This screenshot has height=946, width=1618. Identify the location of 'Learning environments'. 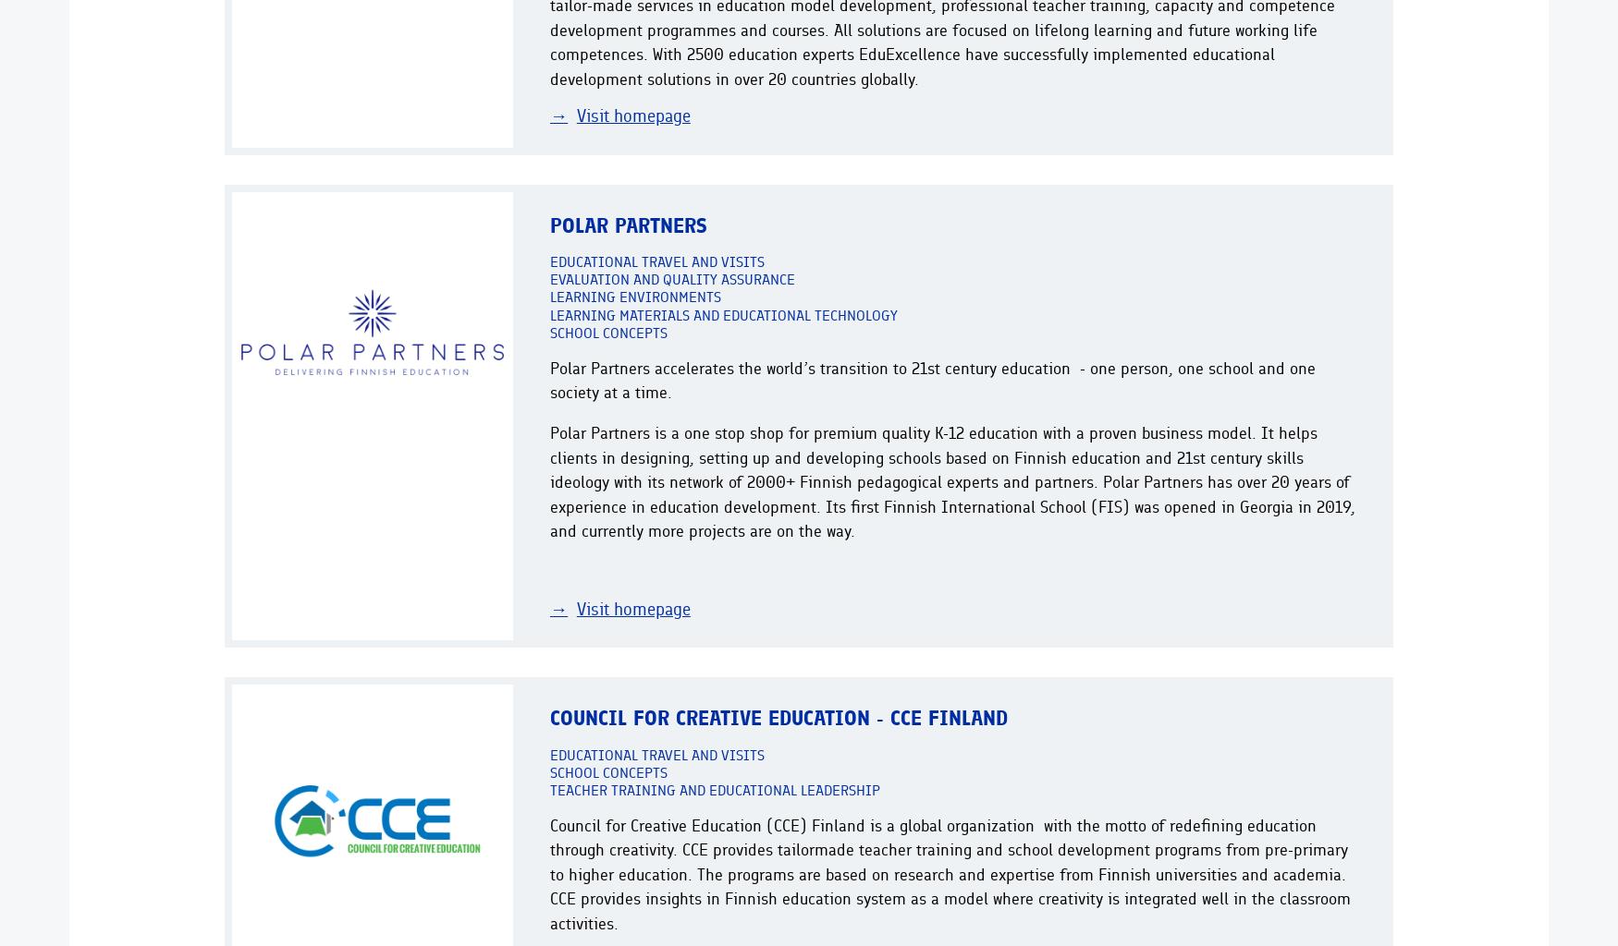
(634, 296).